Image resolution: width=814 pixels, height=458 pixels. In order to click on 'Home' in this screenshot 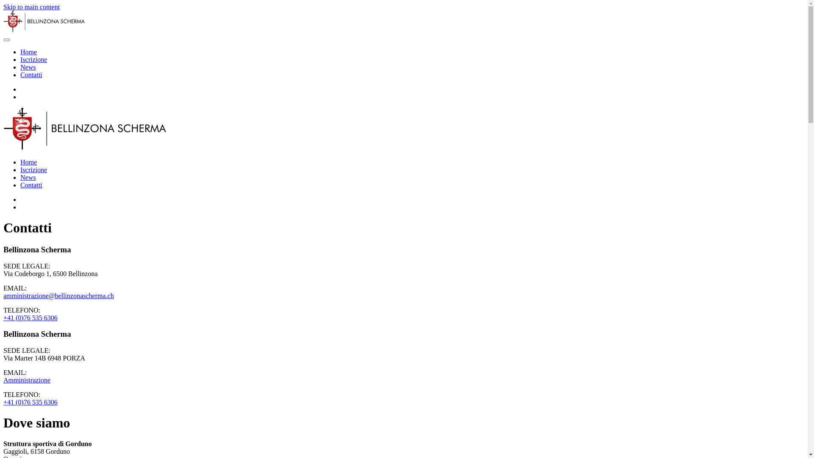, I will do `click(20, 162)`.